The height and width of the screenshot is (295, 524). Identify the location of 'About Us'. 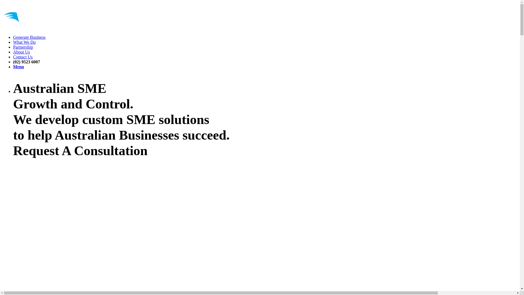
(13, 52).